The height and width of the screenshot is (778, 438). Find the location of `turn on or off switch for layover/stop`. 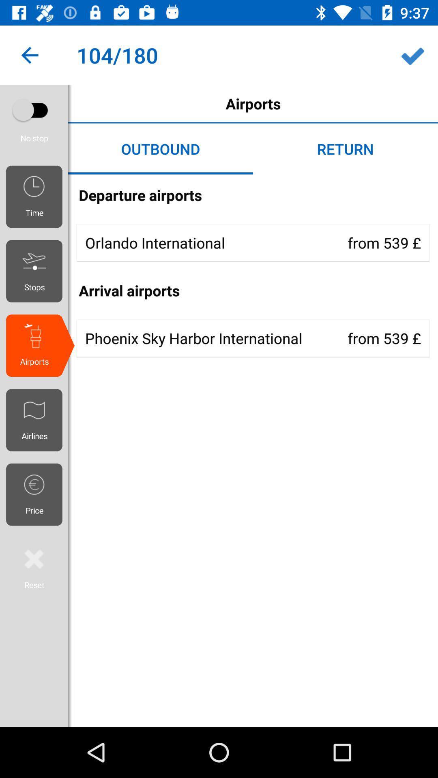

turn on or off switch for layover/stop is located at coordinates (34, 109).